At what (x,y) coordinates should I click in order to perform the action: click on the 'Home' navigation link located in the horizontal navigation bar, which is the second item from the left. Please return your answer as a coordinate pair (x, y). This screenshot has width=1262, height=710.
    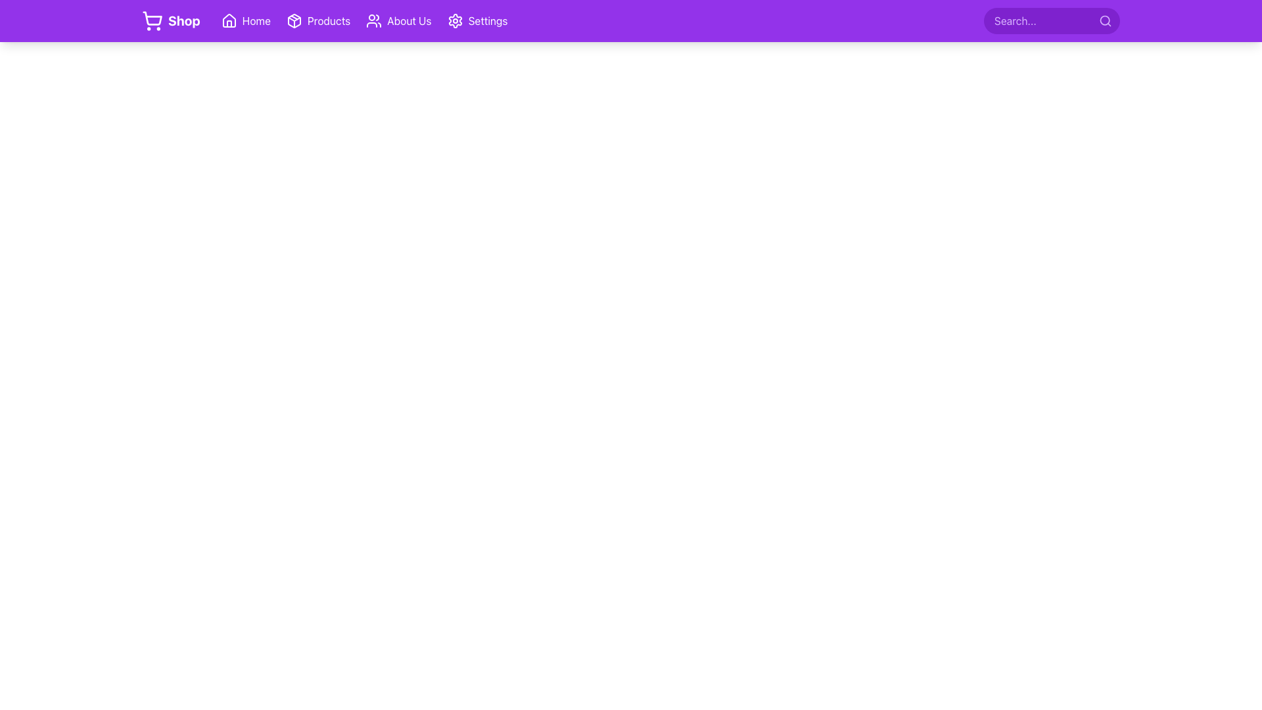
    Looking at the image, I should click on (246, 20).